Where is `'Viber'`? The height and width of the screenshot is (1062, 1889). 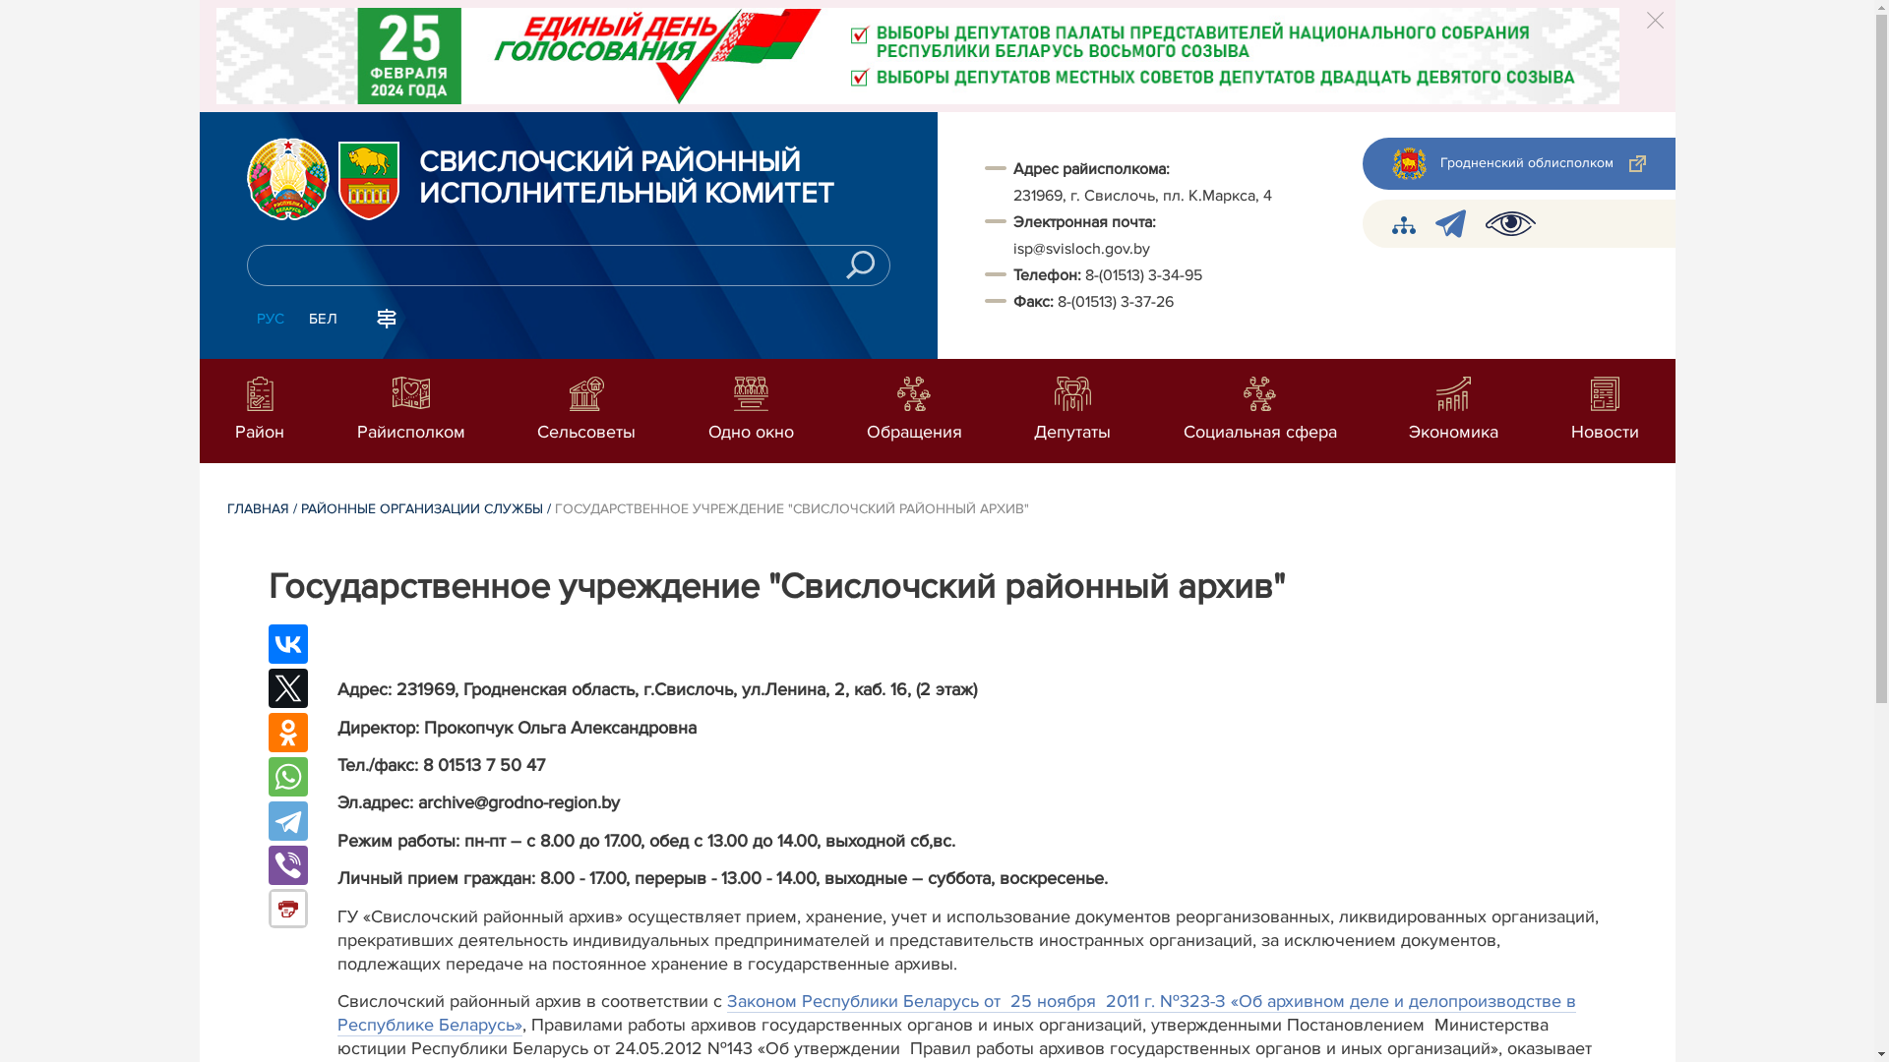
'Viber' is located at coordinates (286, 863).